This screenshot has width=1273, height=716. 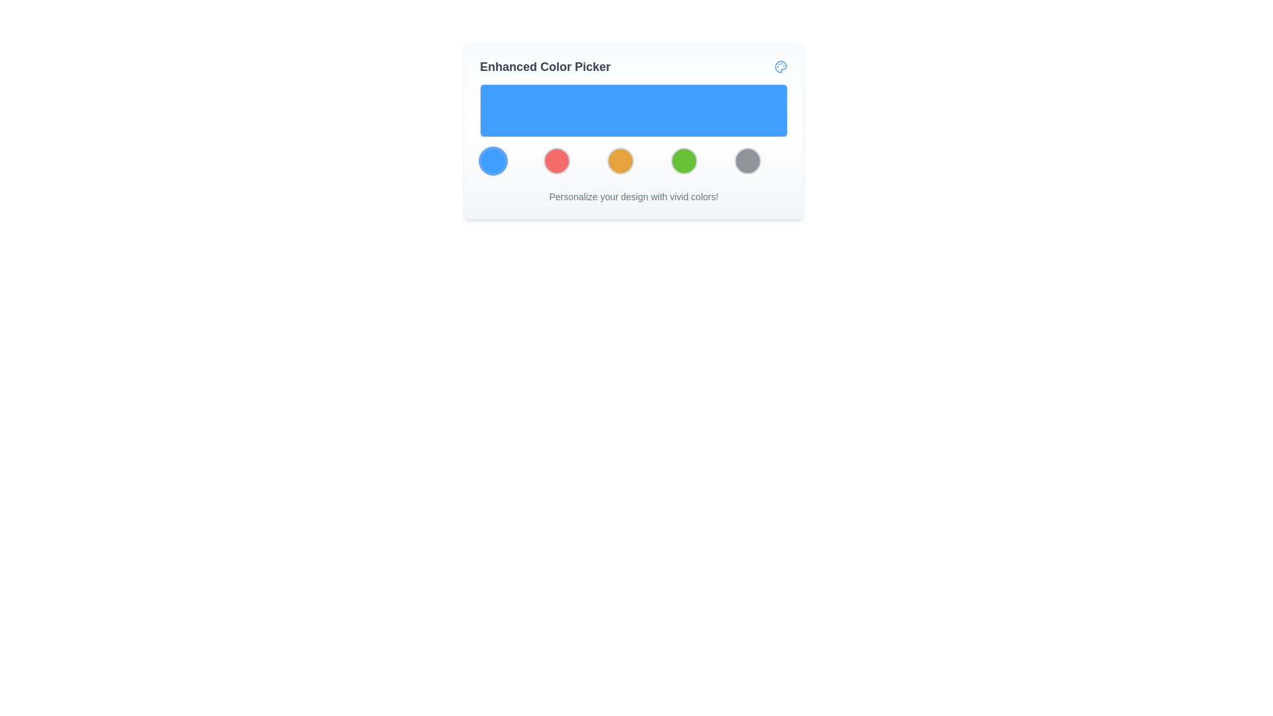 What do you see at coordinates (748, 160) in the screenshot?
I see `the fifth button in a horizontal sequence of five circular buttons in the color picker tool to activate its hover effect` at bounding box center [748, 160].